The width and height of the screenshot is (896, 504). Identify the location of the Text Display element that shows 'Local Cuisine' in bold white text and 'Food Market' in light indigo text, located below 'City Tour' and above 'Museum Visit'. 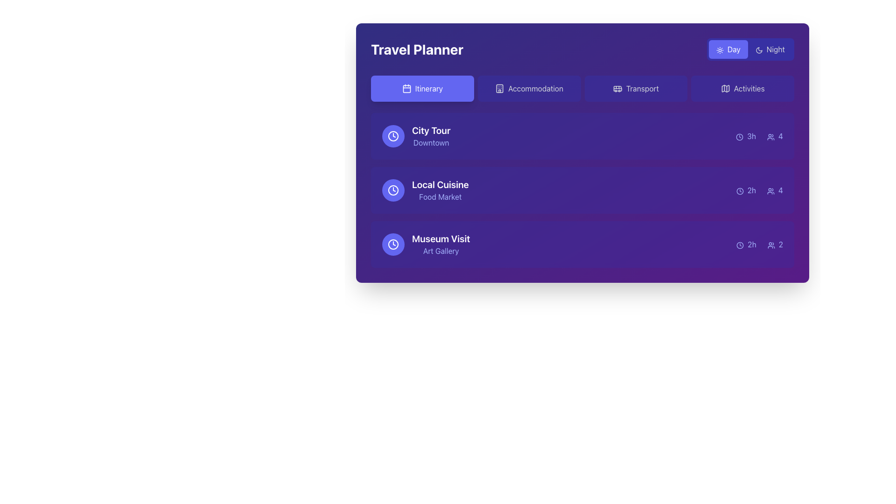
(440, 190).